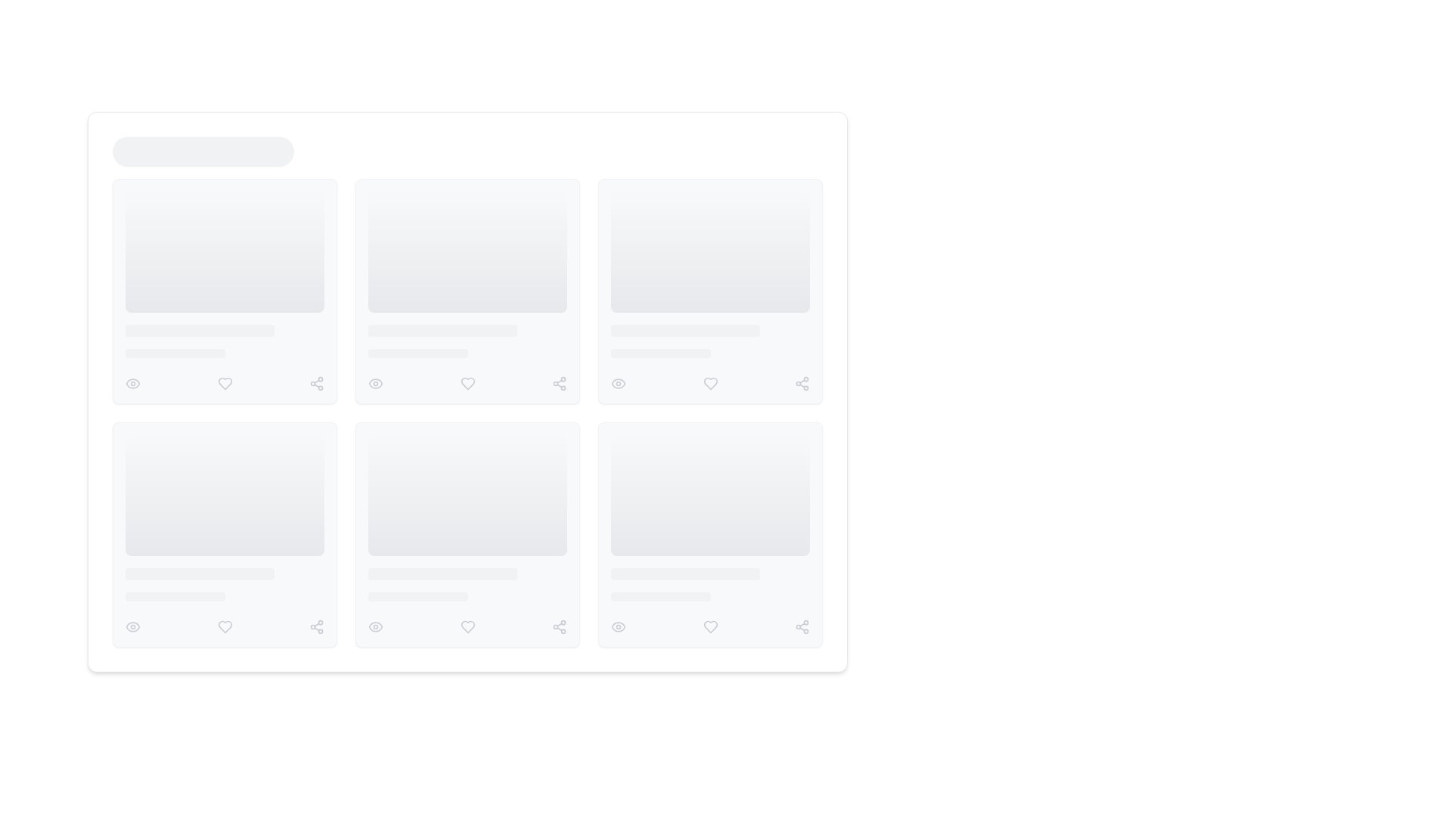  I want to click on the share action icon located at the bottom-right corner of the card, so click(558, 383).